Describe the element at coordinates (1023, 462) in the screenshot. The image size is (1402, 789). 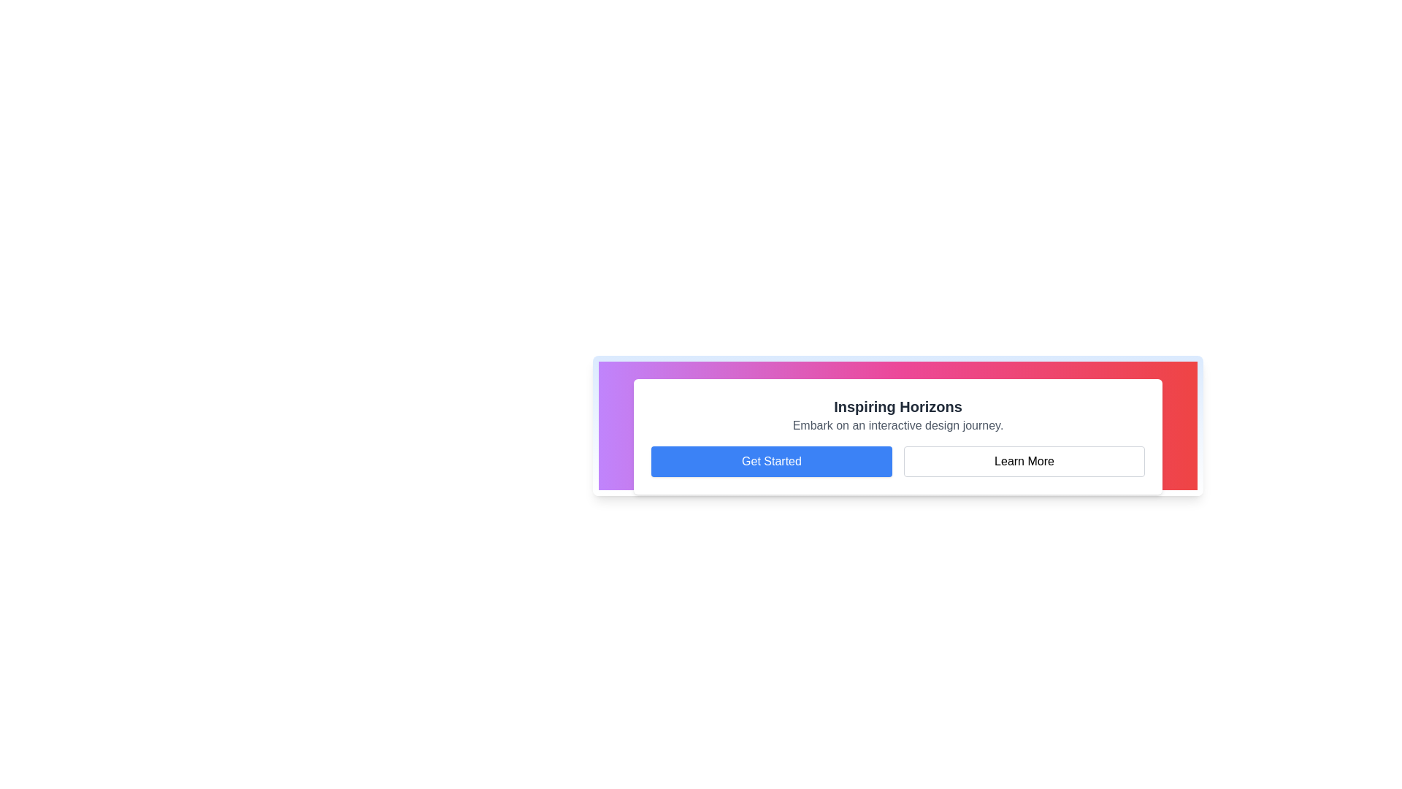
I see `the 'Learn More' button using keyboard navigation` at that location.